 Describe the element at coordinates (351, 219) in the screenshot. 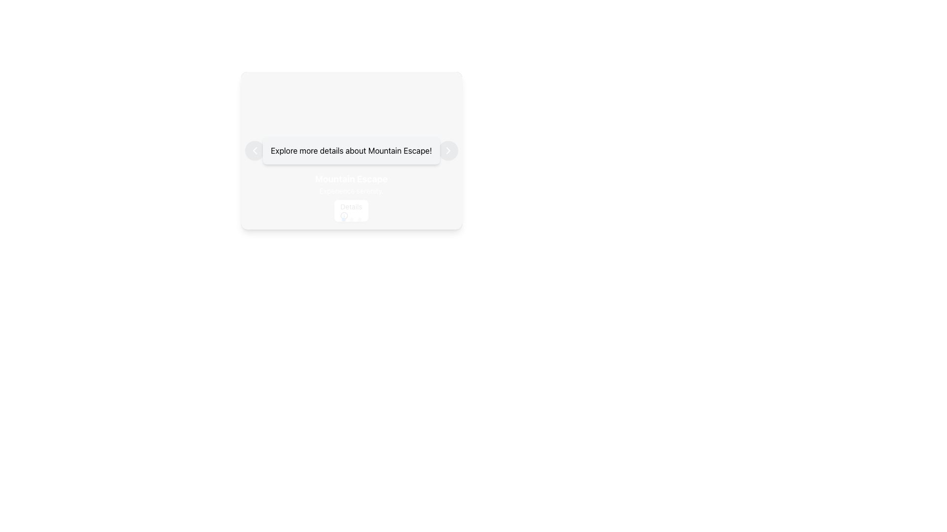

I see `the gray circle of the Pagination Indicator located at the bottom of the 'Mountain Escape' component` at that location.